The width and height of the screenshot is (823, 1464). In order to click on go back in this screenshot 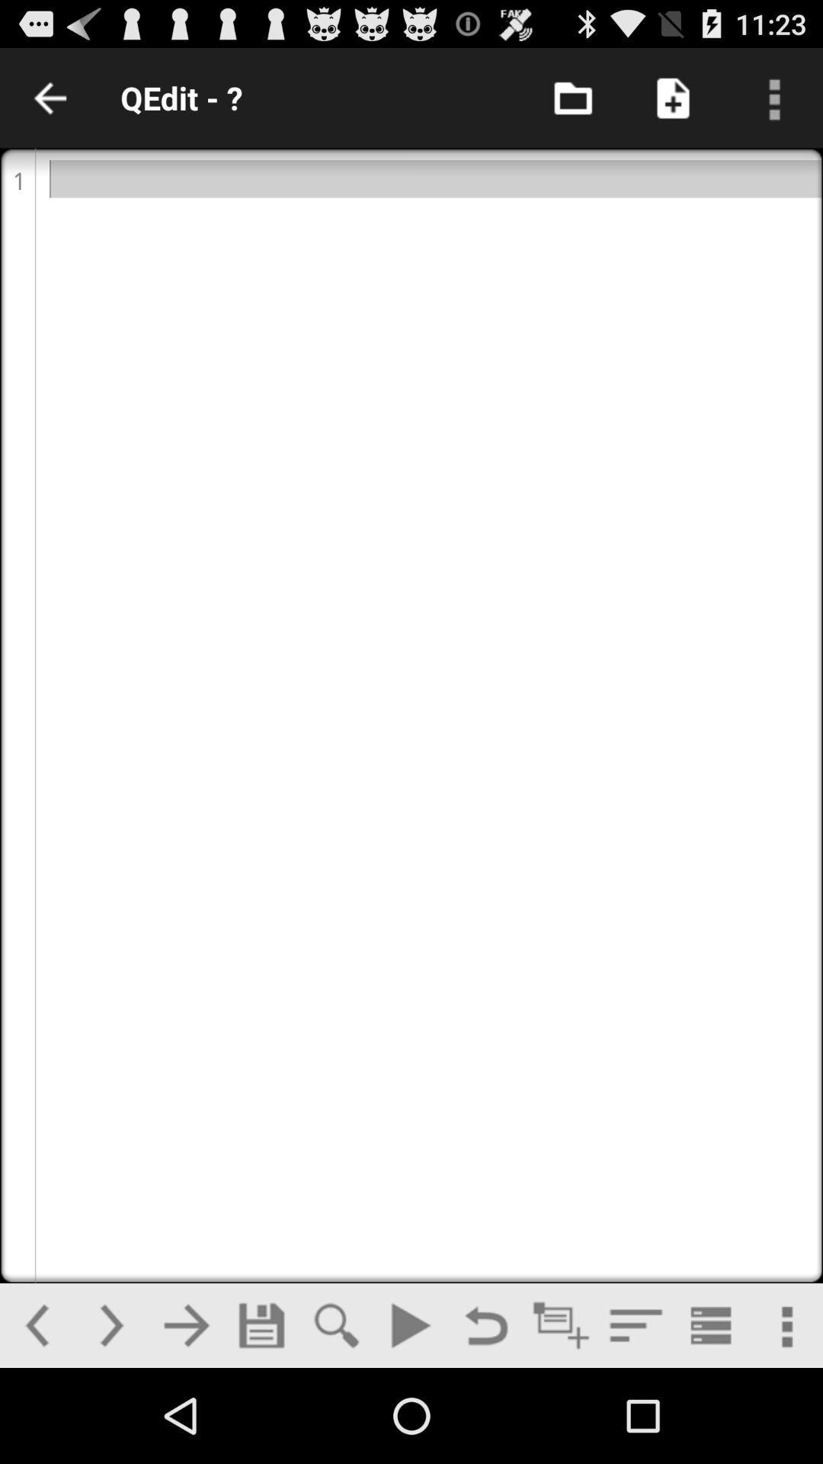, I will do `click(485, 1324)`.